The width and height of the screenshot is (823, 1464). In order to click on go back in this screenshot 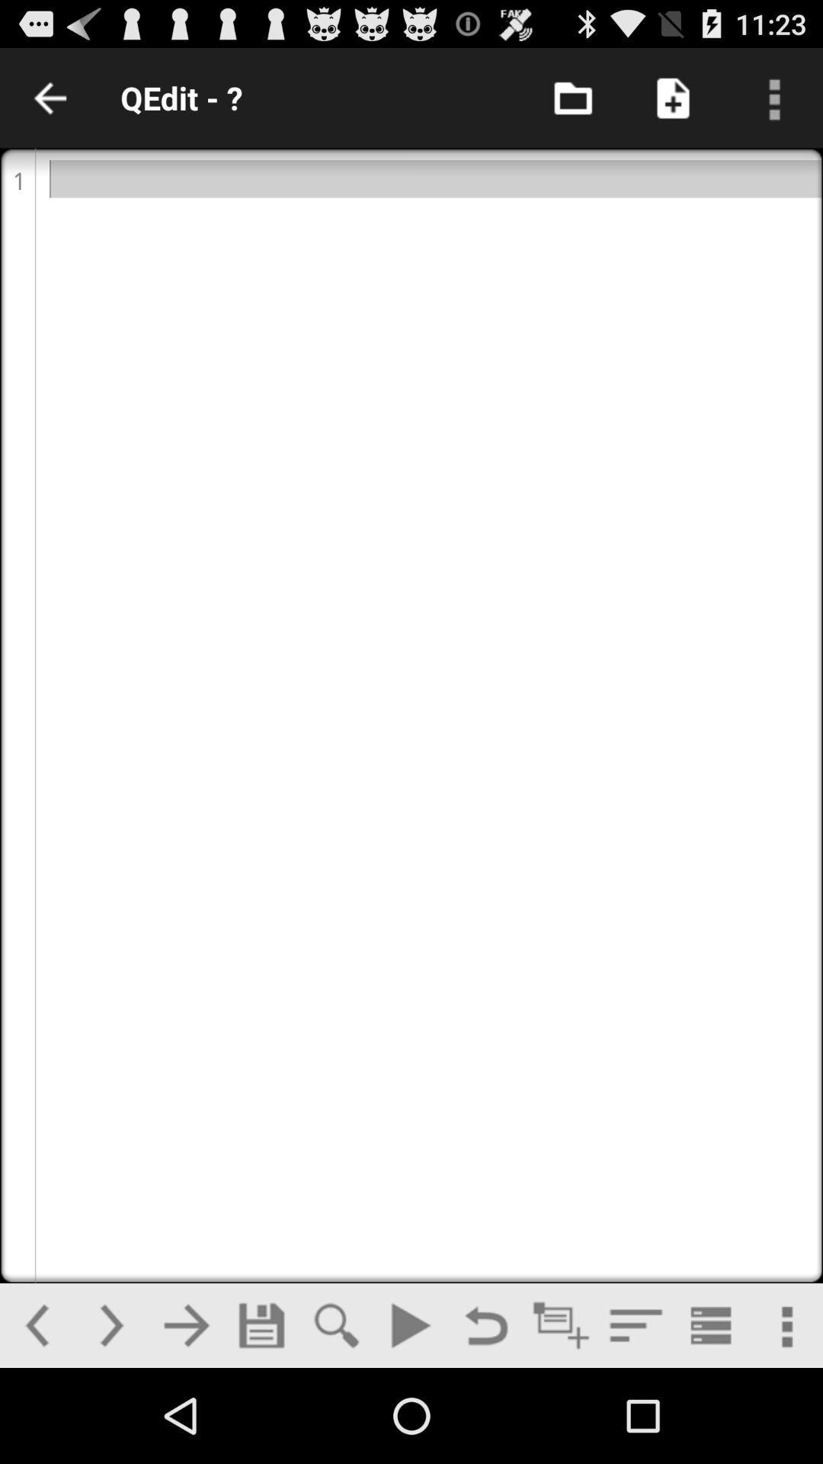, I will do `click(485, 1324)`.